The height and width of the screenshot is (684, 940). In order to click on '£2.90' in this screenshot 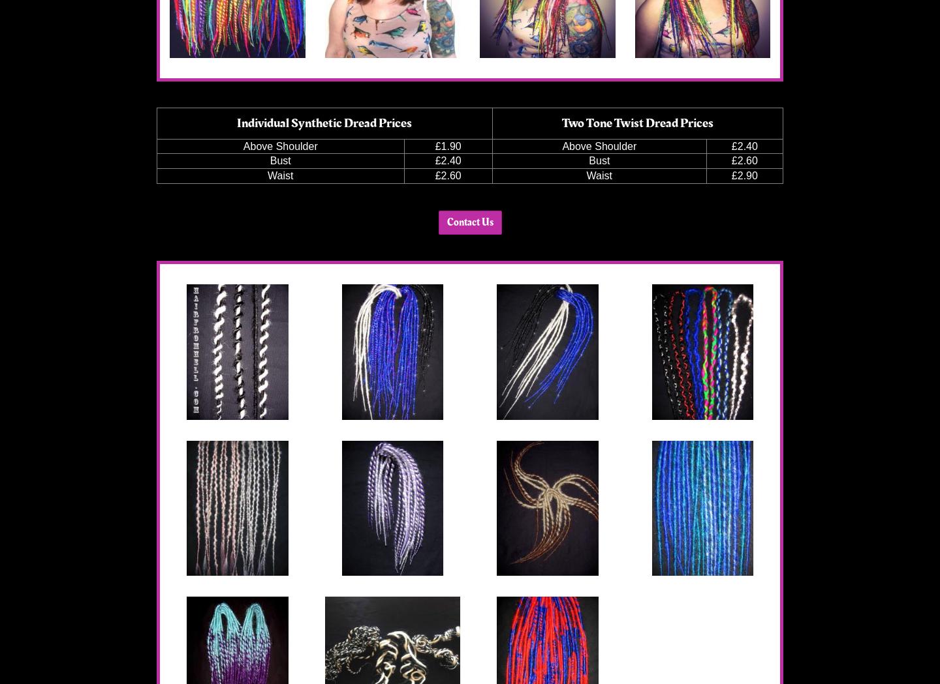, I will do `click(730, 174)`.